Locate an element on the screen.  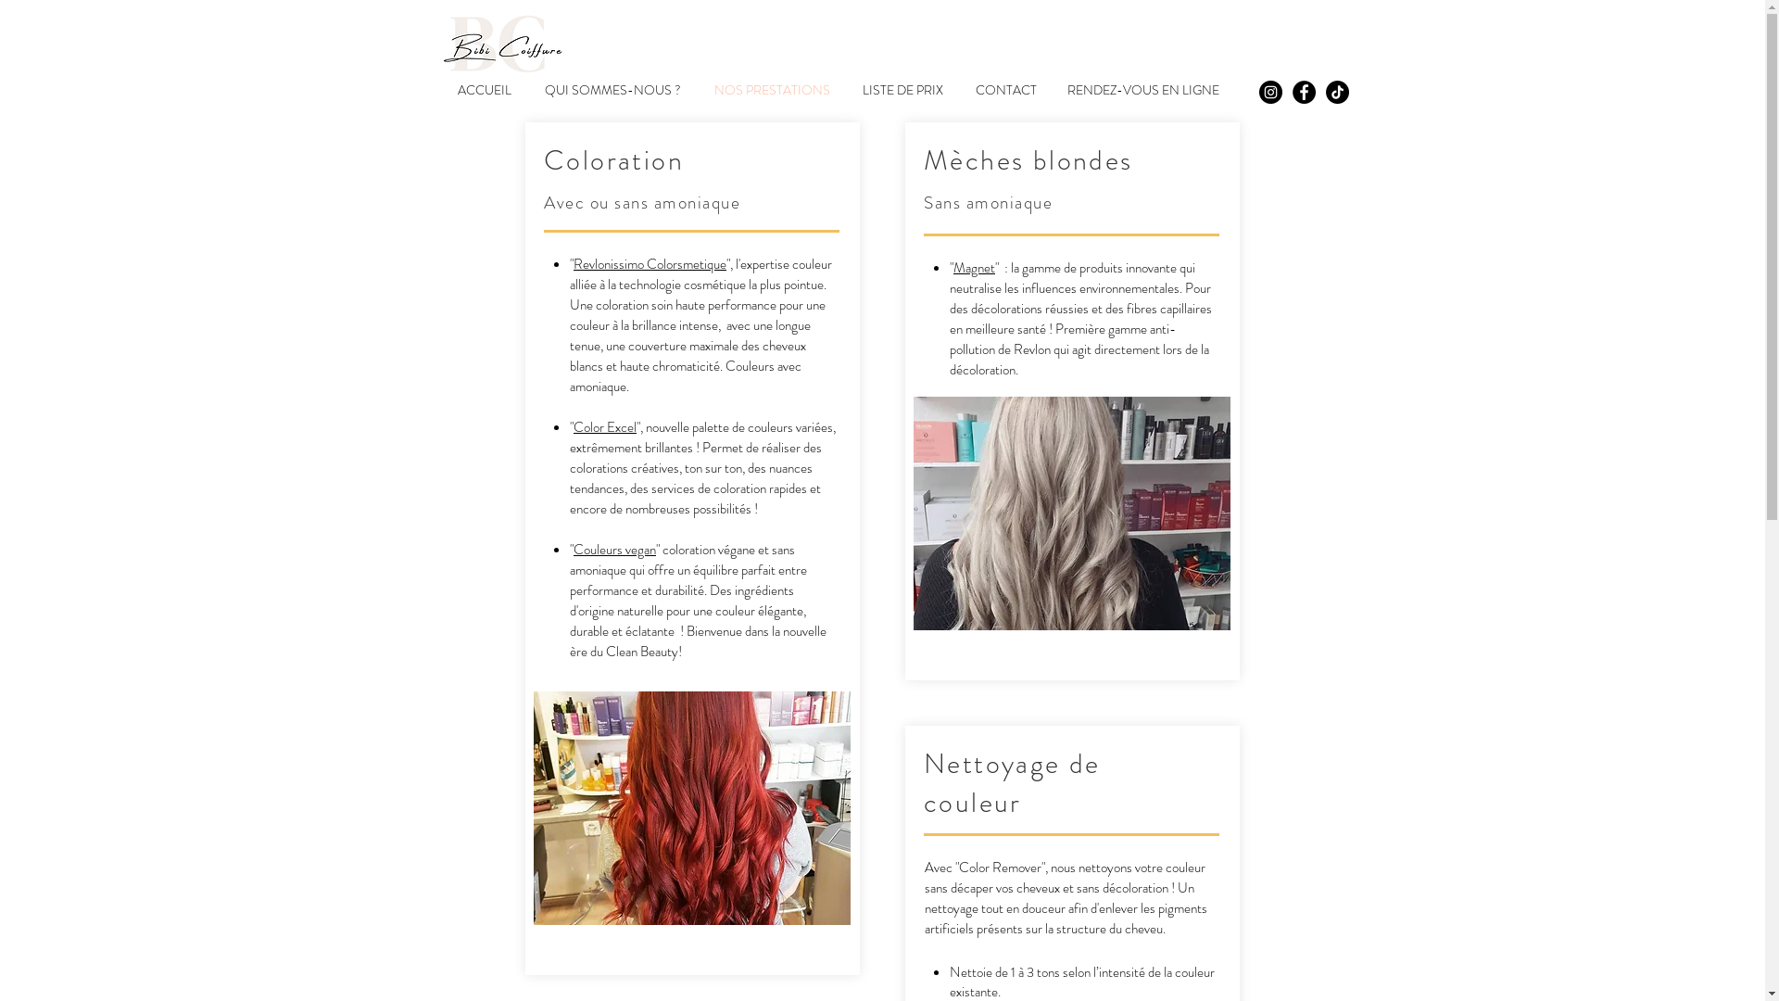
'QUI SOMMES-NOUS ?' is located at coordinates (614, 90).